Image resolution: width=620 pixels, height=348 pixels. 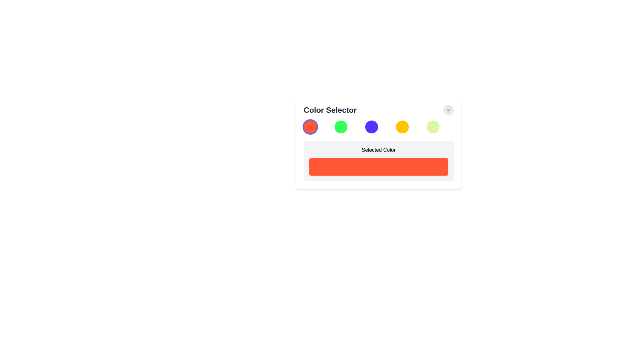 What do you see at coordinates (340, 127) in the screenshot?
I see `the second circular button with a green background in the row of five icons located near the top of the 'Color Selector' card` at bounding box center [340, 127].